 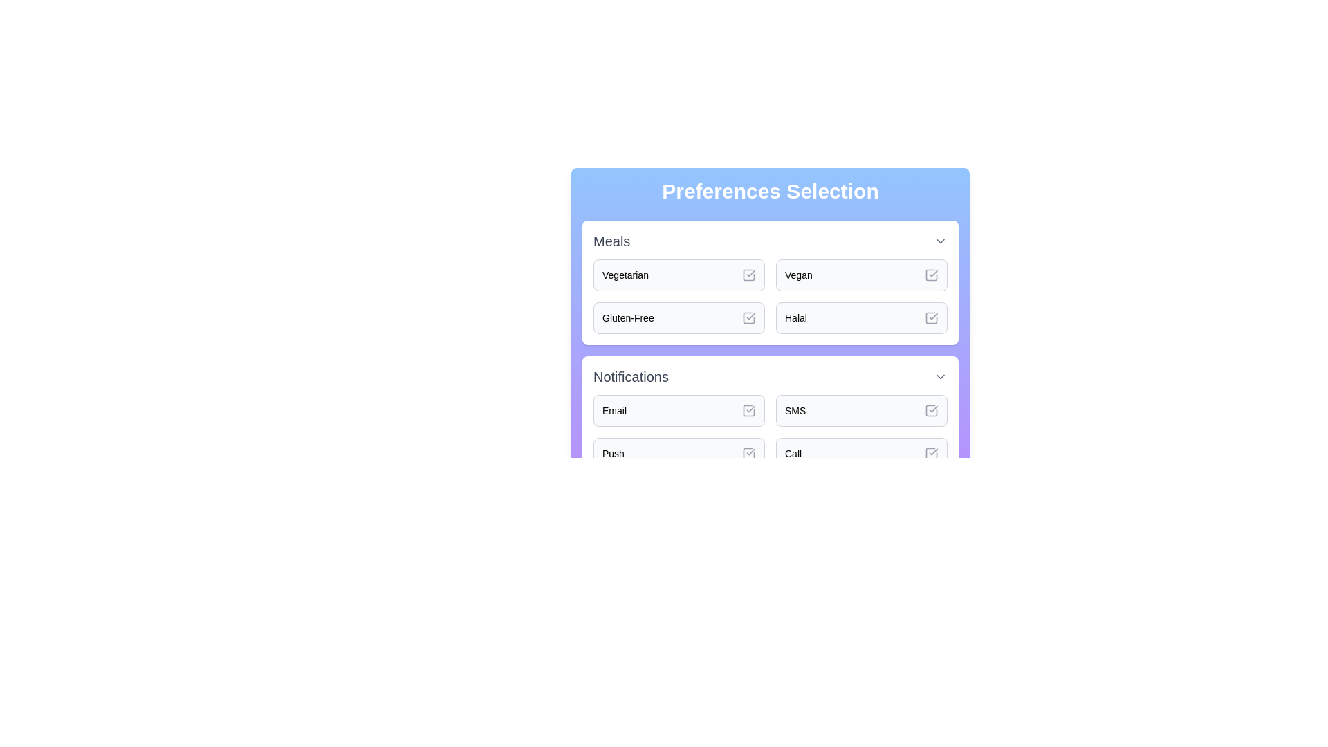 I want to click on the checkbox labeled 'Gluten-Free', so click(x=679, y=317).